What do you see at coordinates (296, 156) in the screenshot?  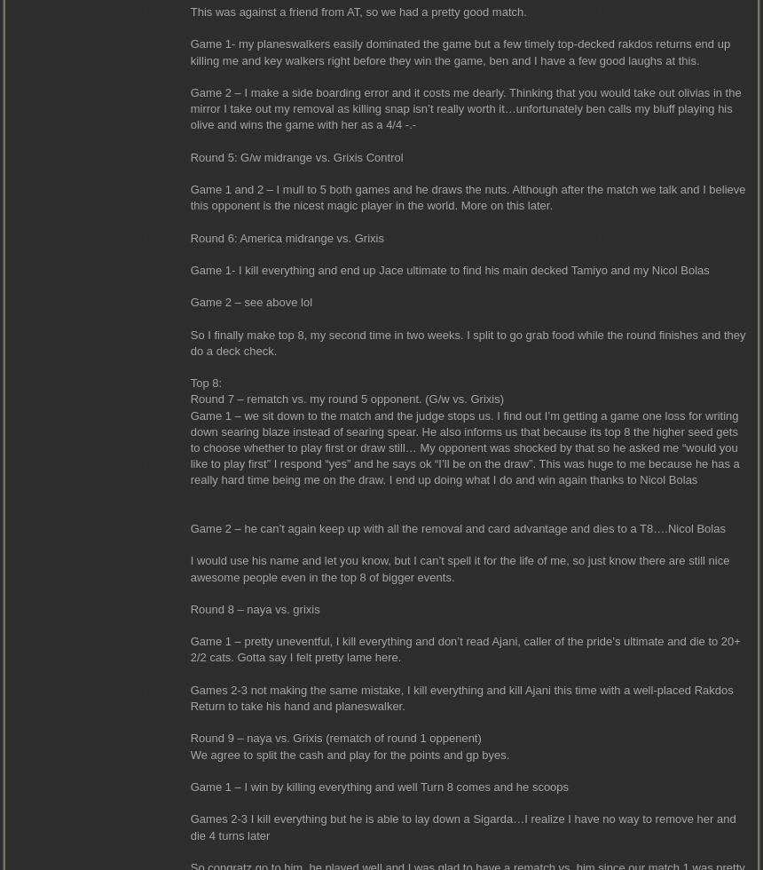 I see `'Round 5: G/w midrange vs. Grixis Control'` at bounding box center [296, 156].